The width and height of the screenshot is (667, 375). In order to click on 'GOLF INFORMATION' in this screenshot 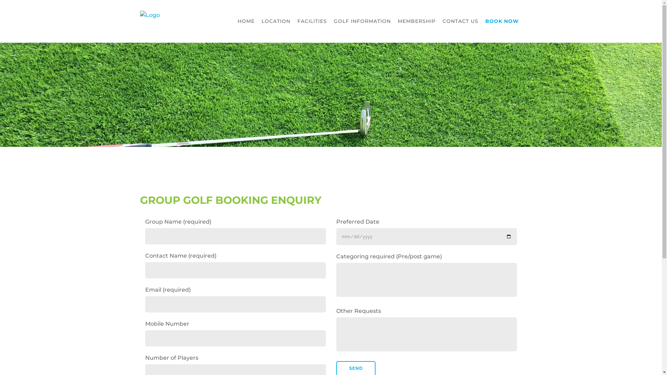, I will do `click(361, 21)`.